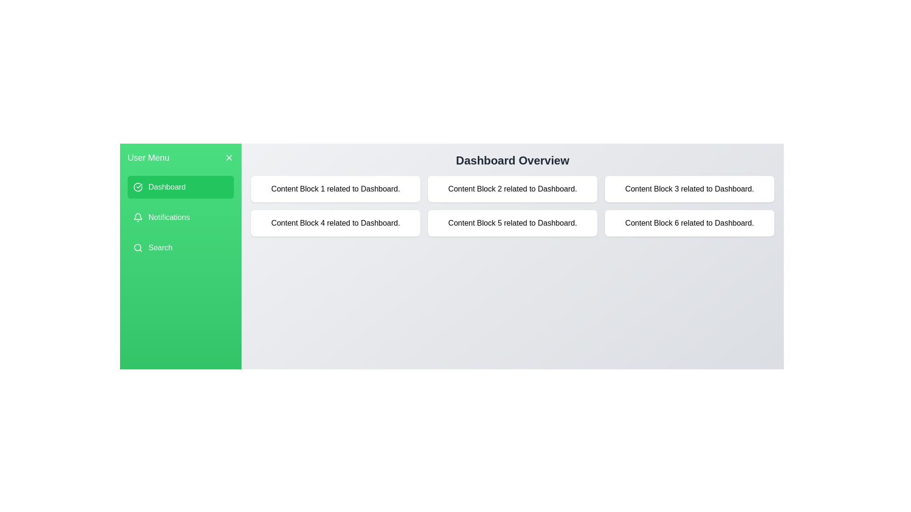 This screenshot has height=512, width=911. Describe the element at coordinates (180, 187) in the screenshot. I see `the menu item Dashboard to view its related content` at that location.